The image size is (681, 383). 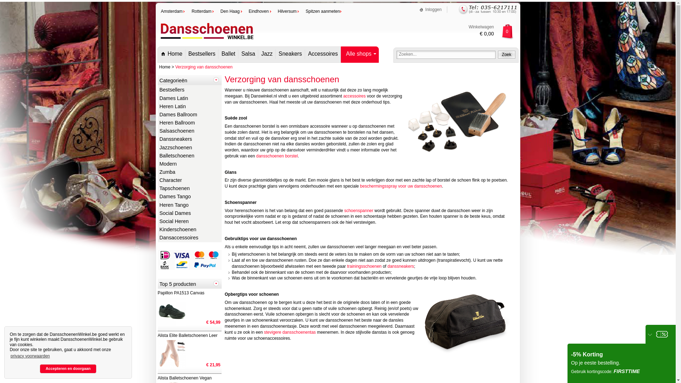 What do you see at coordinates (189, 99) in the screenshot?
I see `'Dames Latin'` at bounding box center [189, 99].